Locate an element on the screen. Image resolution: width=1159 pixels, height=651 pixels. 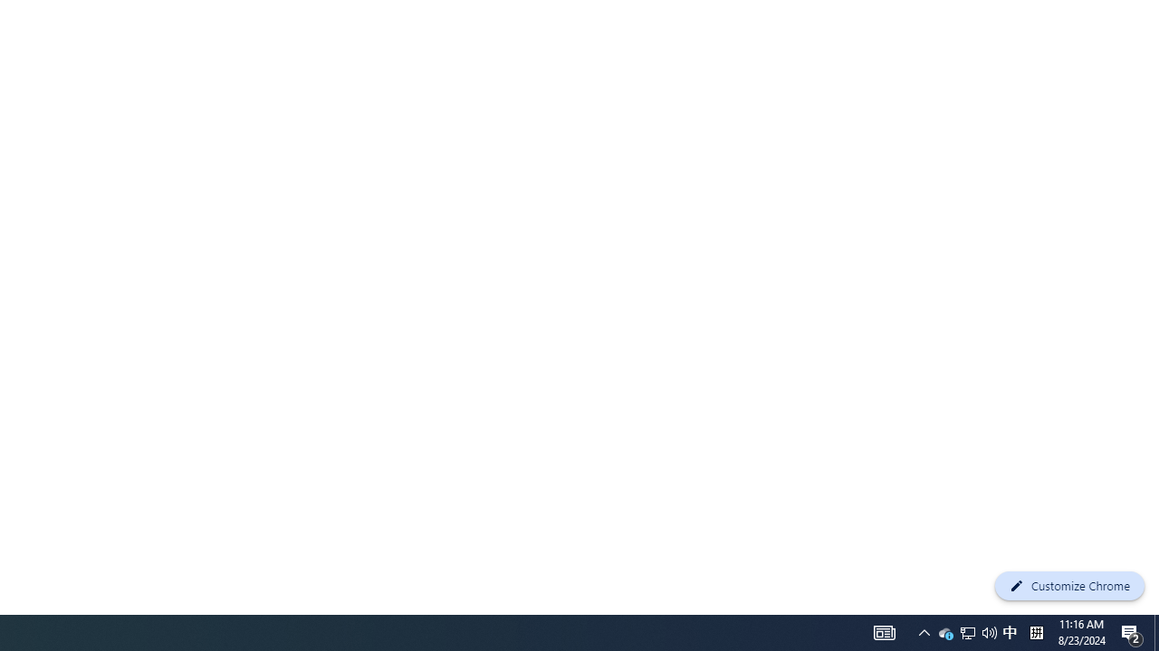
'User Promoted Notification Area' is located at coordinates (924, 631).